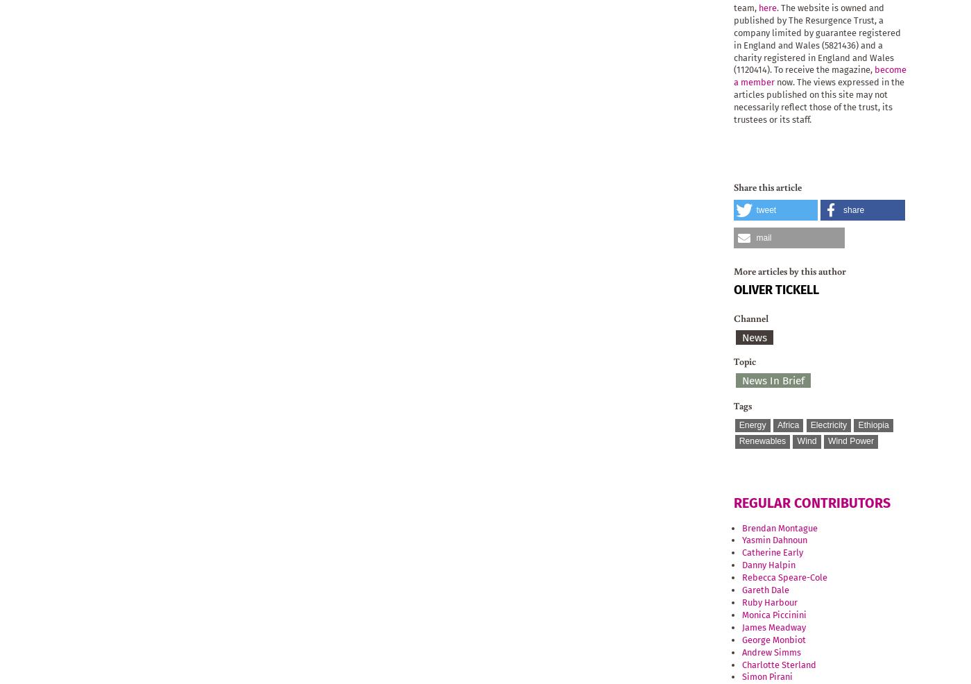 Image resolution: width=971 pixels, height=684 pixels. I want to click on 'Monica Piccinini', so click(774, 613).